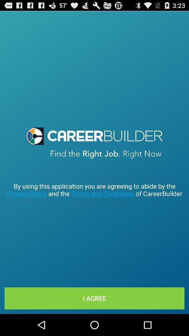  What do you see at coordinates (94, 298) in the screenshot?
I see `item below by using this icon` at bounding box center [94, 298].